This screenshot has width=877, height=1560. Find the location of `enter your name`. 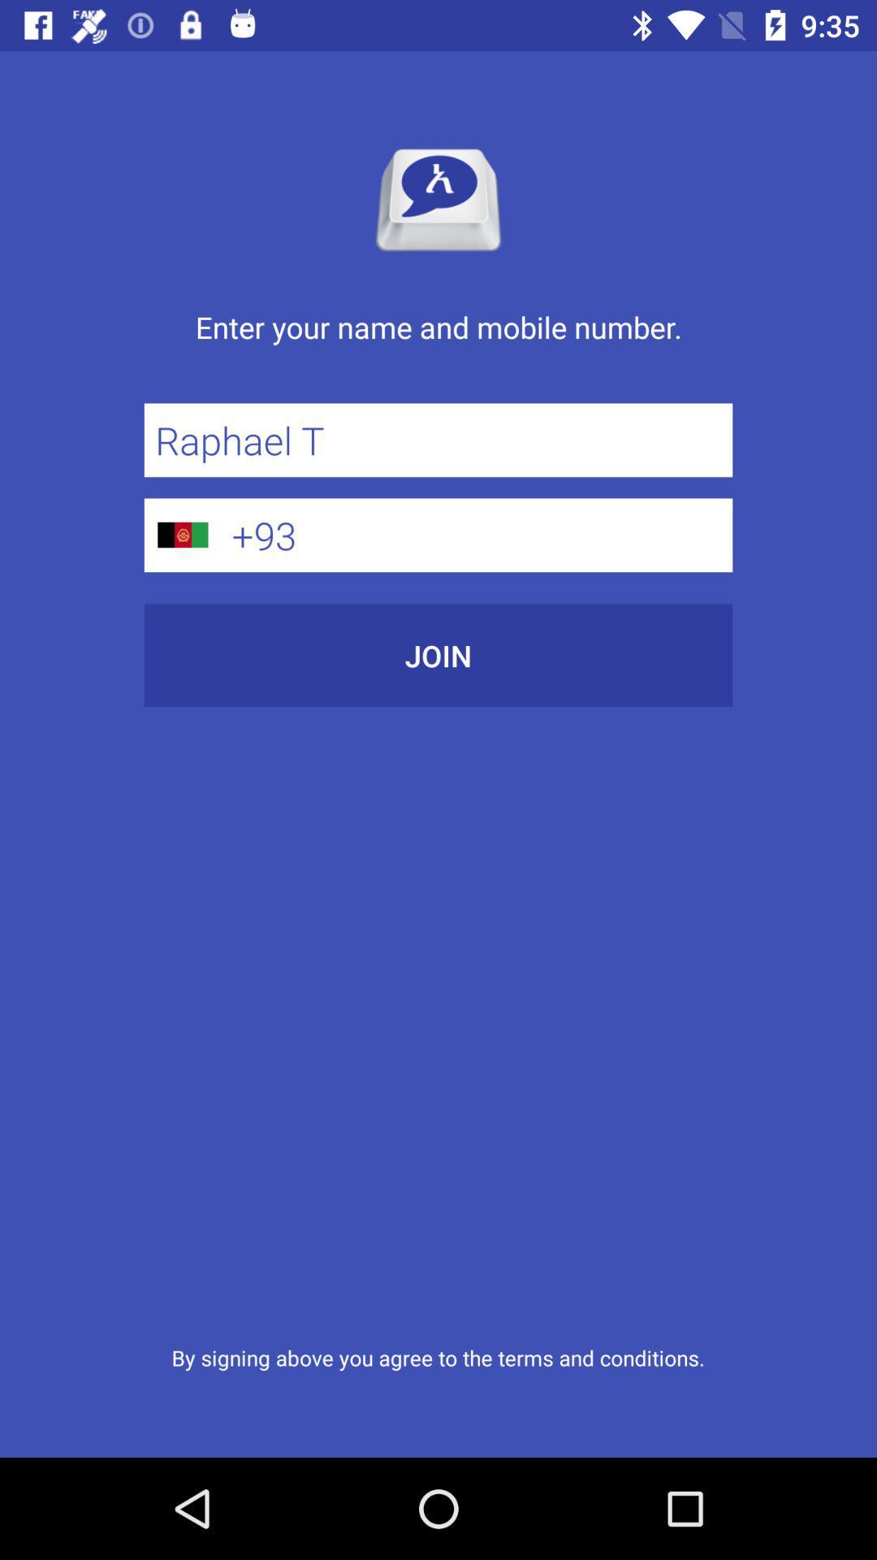

enter your name is located at coordinates (438, 344).